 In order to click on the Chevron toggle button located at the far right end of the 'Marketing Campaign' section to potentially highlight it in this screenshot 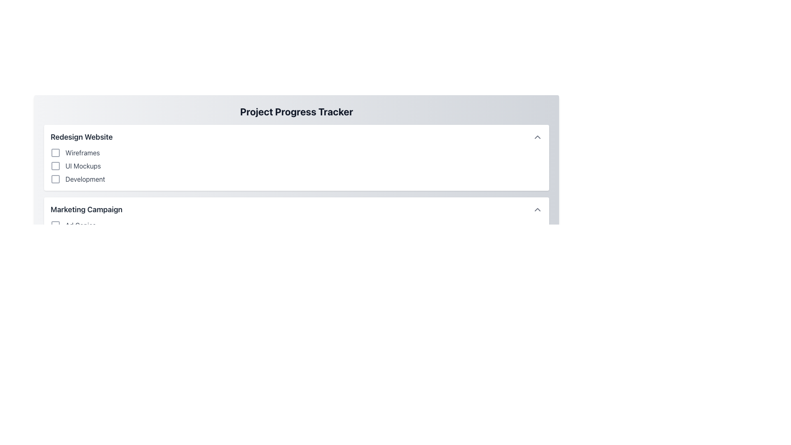, I will do `click(538, 209)`.